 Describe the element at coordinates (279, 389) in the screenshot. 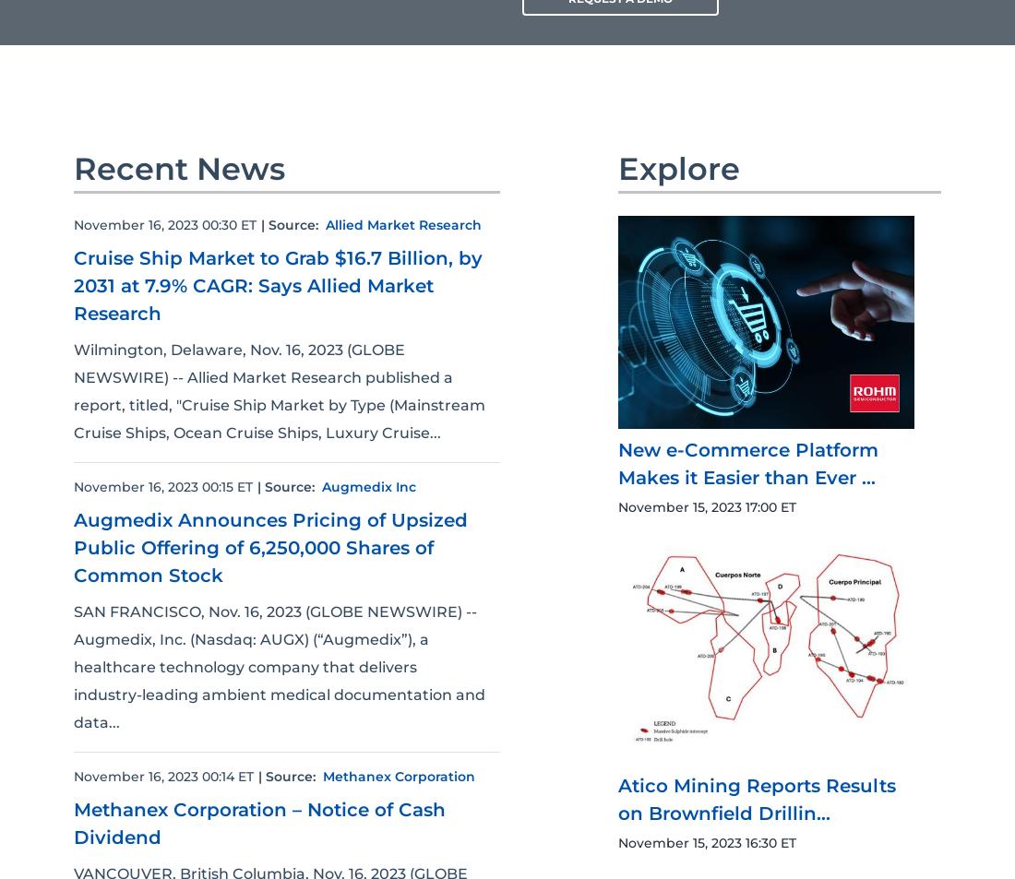

I see `'Wilmington, Delaware, Nov.  16, 2023  (GLOBE NEWSWIRE) -- Allied Market Research published a report, titled, "Cruise Ship Market by Type (Mainstream Cruise Ships, Ocean Cruise Ships, Luxury Cruise...'` at that location.